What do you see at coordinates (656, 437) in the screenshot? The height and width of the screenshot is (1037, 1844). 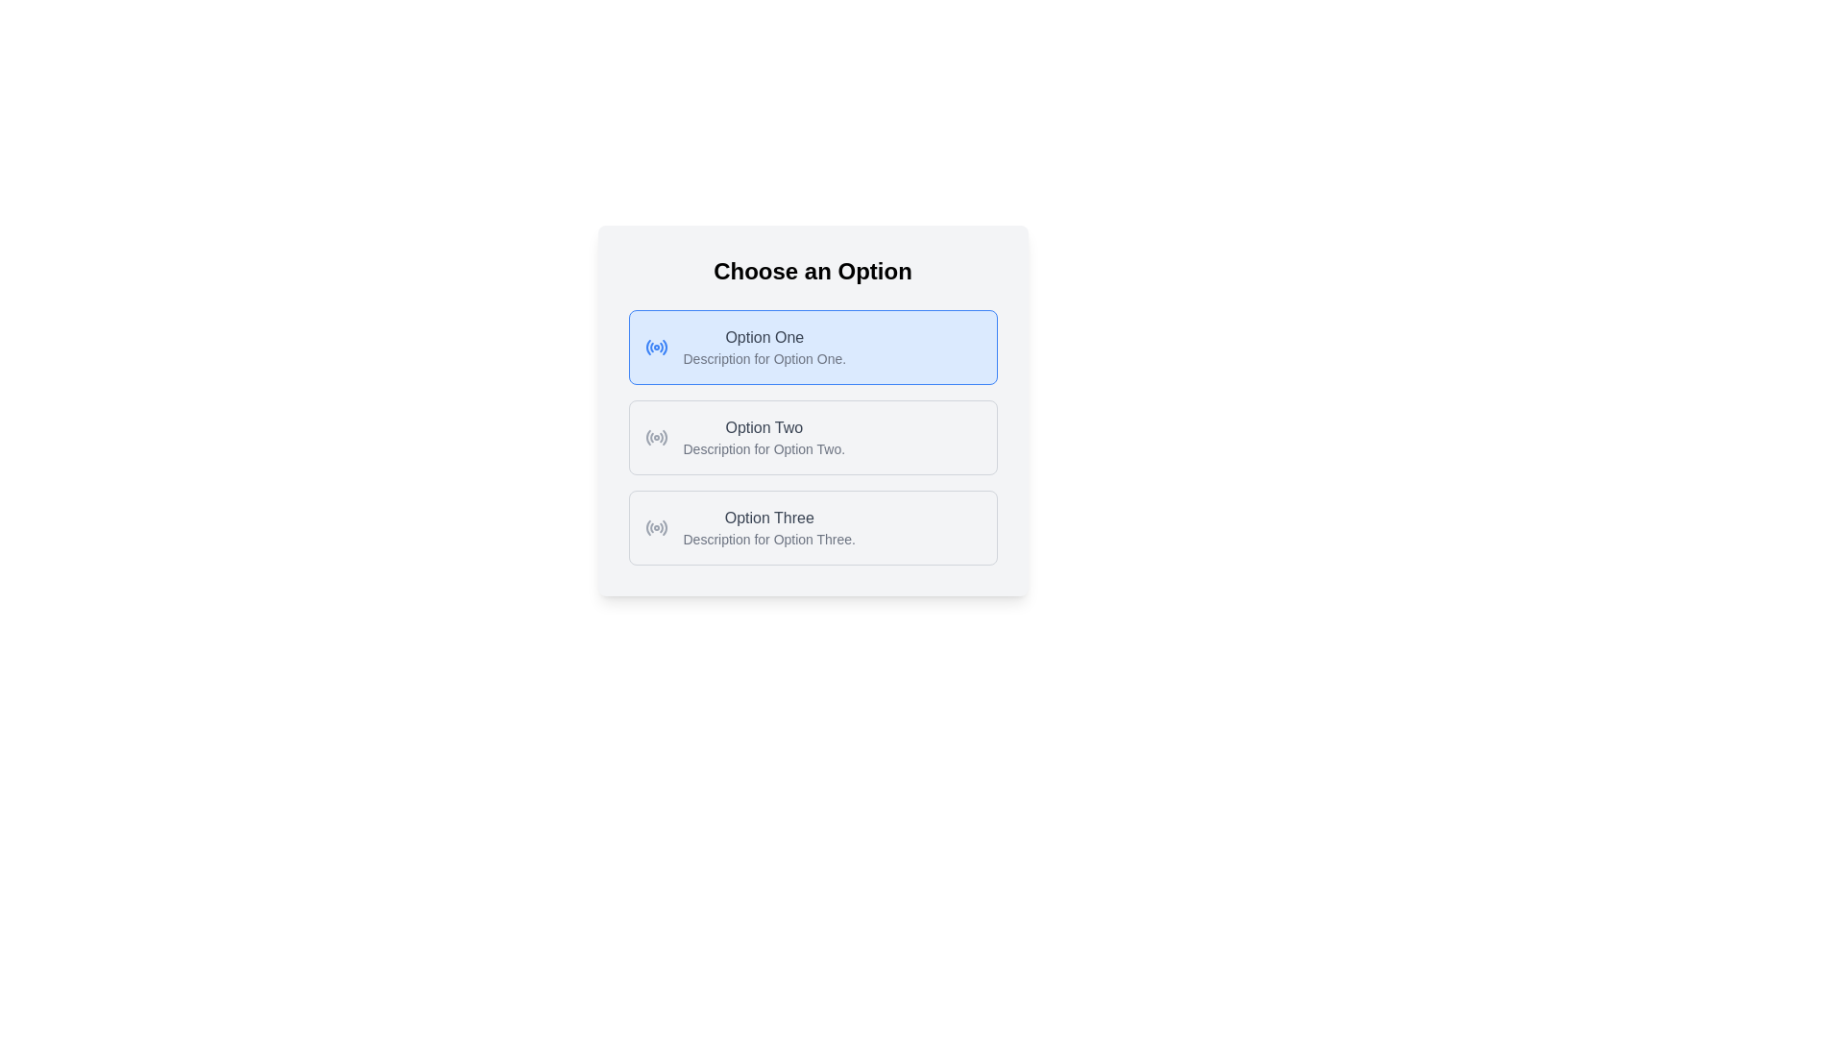 I see `the radio button styled with a gray circle and central dot, located to the left of the text 'Option Two' for focus effect` at bounding box center [656, 437].